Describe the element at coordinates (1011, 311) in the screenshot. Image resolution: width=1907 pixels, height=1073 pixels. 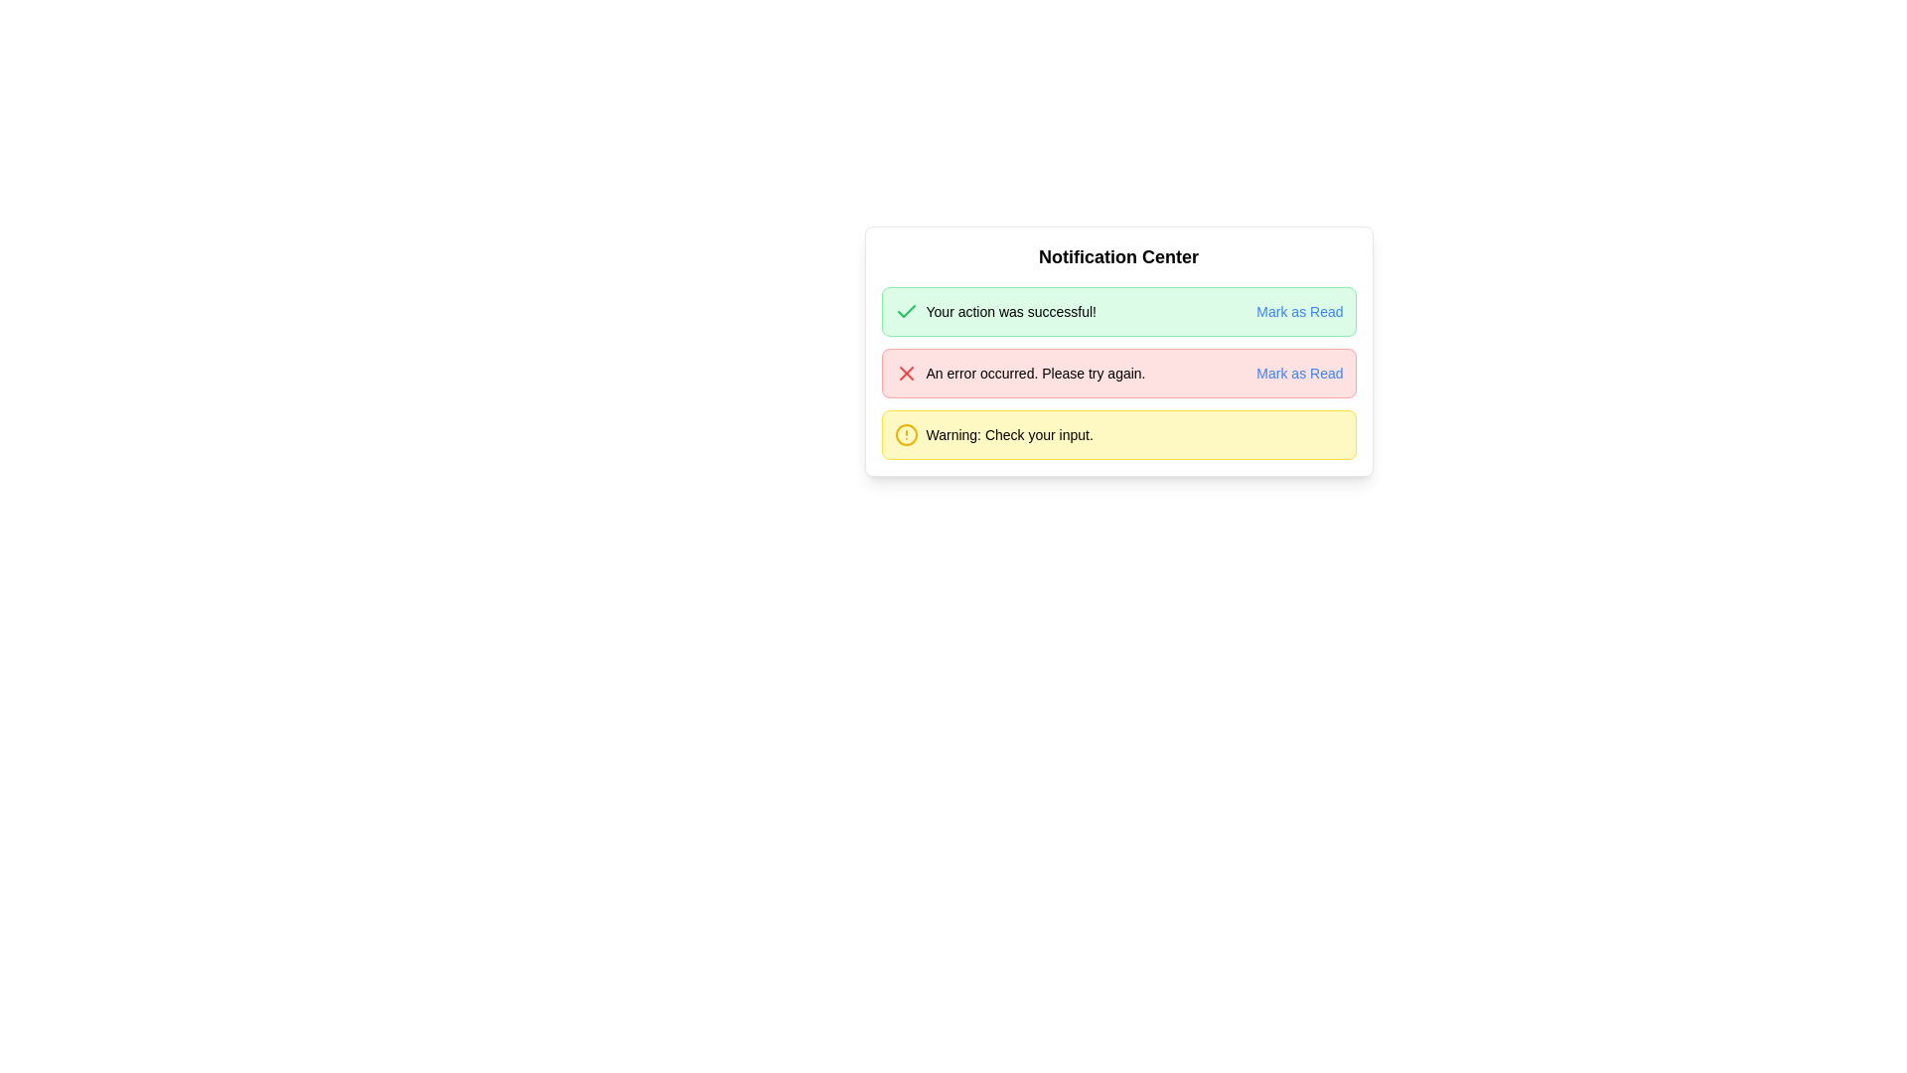
I see `the static text label that contains the message 'Your action was successful!', which is styled with a small font and located next to a green check icon in the notification center` at that location.